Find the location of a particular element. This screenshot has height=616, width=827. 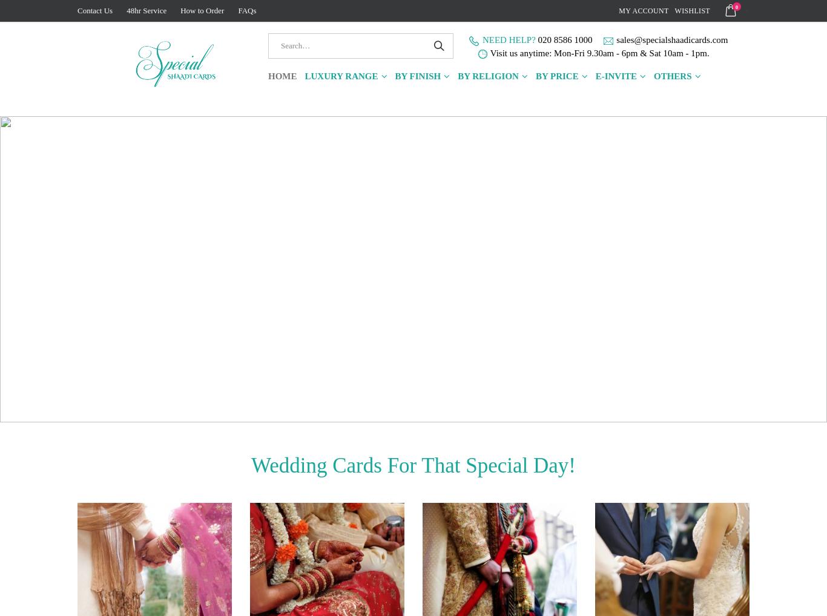

'Visit us anytime:' is located at coordinates (520, 53).